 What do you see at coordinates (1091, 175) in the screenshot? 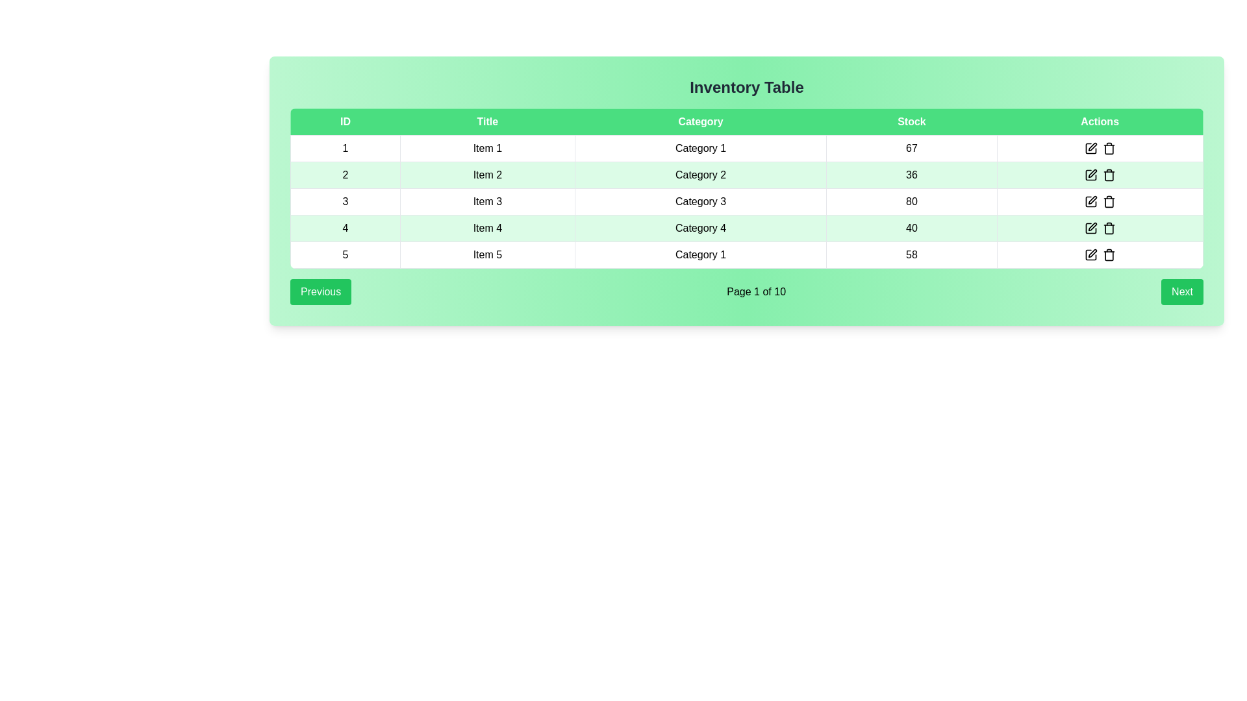
I see `the small edit icon shaped like a pen located in the 'Actions' column of the second row in the table to initiate an edit action` at bounding box center [1091, 175].